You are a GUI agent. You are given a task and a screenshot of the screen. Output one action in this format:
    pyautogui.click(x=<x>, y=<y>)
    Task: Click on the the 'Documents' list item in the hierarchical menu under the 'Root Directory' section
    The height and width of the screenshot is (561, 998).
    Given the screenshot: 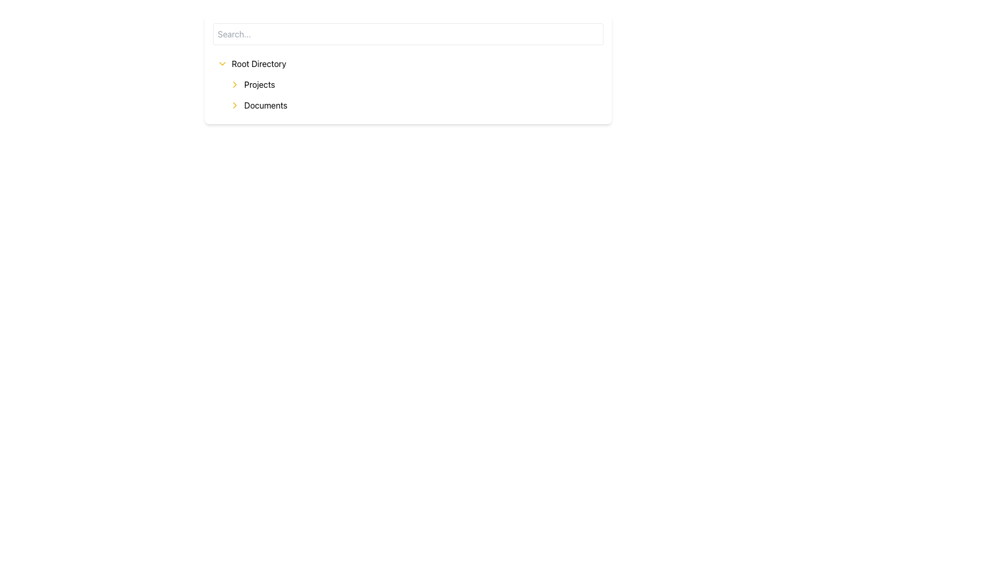 What is the action you would take?
    pyautogui.click(x=414, y=105)
    